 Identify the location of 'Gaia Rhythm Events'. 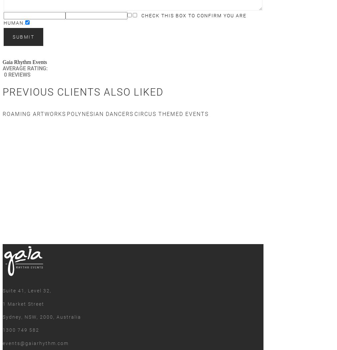
(24, 62).